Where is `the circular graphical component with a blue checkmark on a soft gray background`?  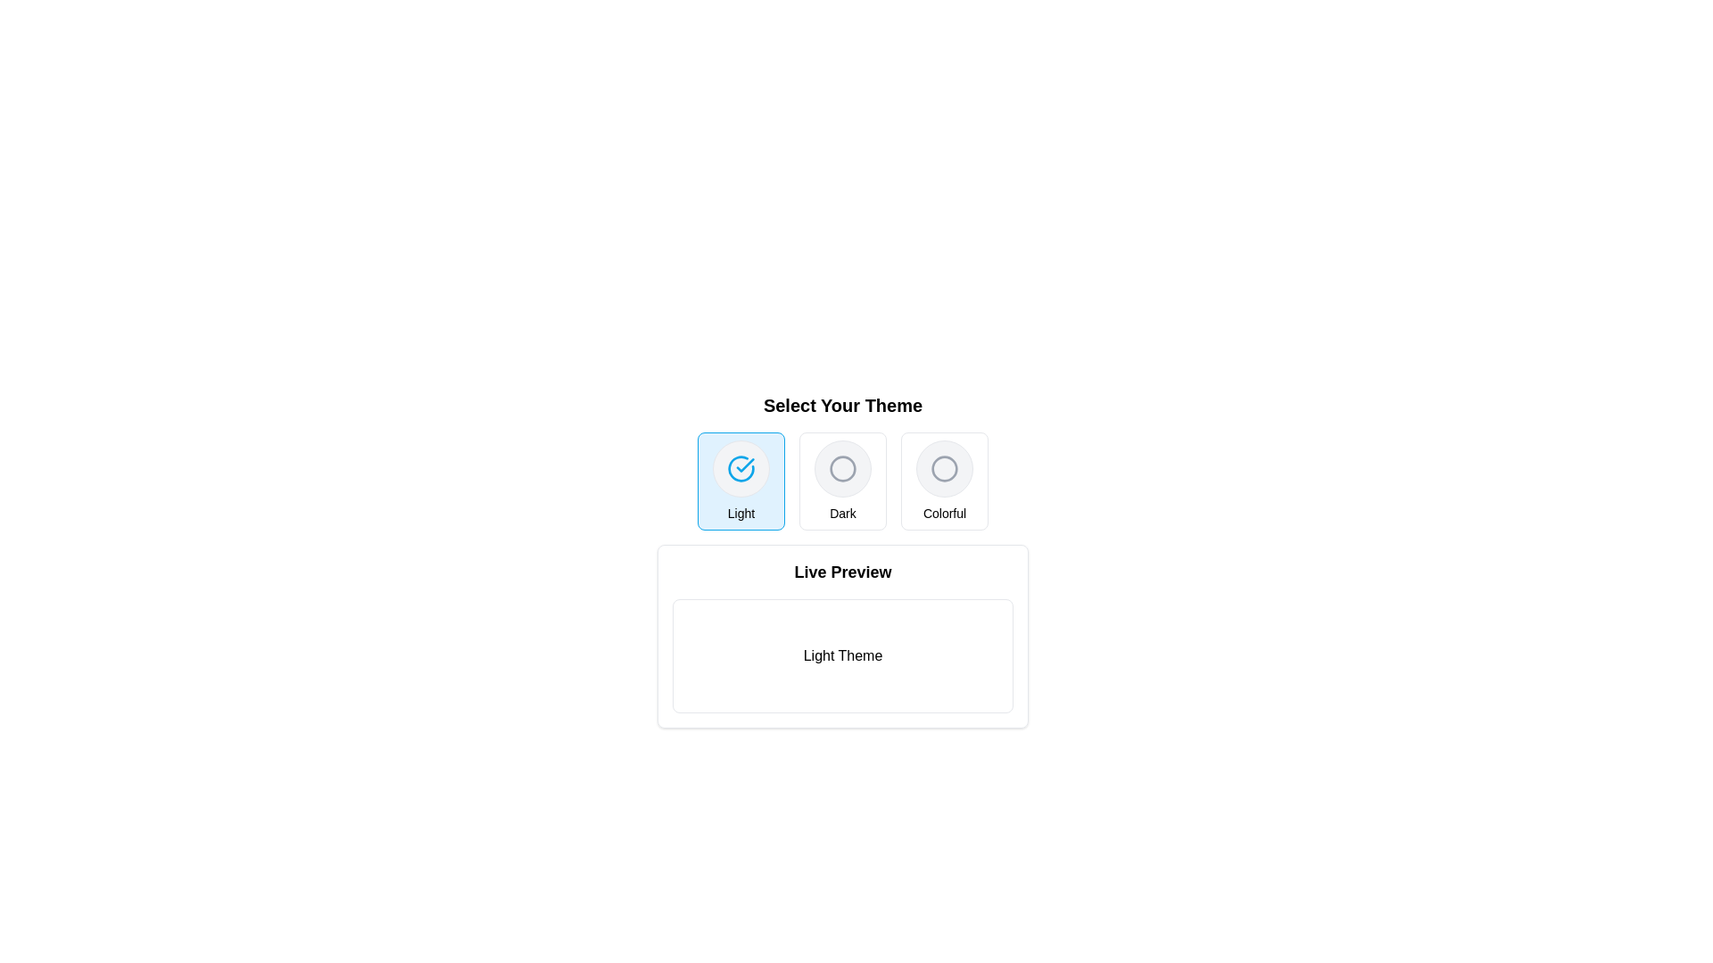 the circular graphical component with a blue checkmark on a soft gray background is located at coordinates (741, 467).